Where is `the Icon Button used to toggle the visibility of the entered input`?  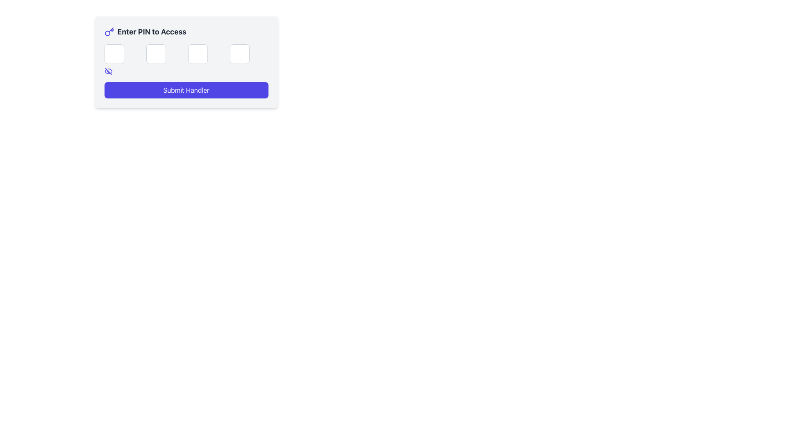
the Icon Button used to toggle the visibility of the entered input is located at coordinates (108, 71).